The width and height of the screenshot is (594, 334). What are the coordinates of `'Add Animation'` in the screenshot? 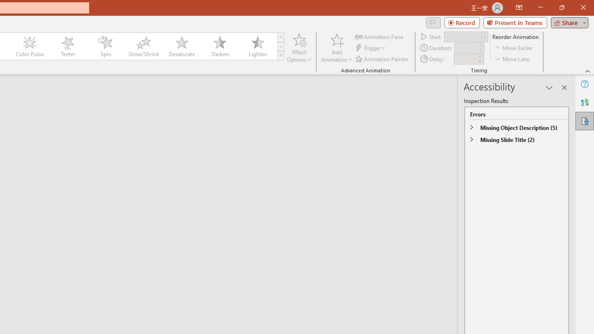 It's located at (336, 48).